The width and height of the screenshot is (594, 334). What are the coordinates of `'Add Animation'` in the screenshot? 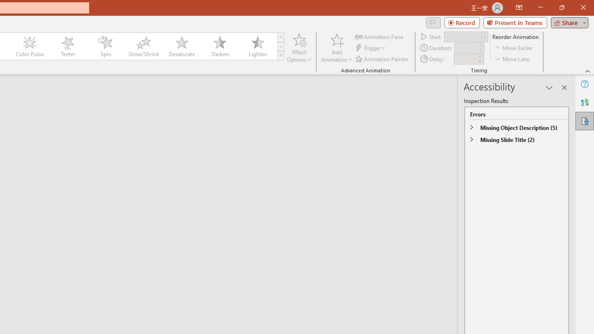 It's located at (336, 48).